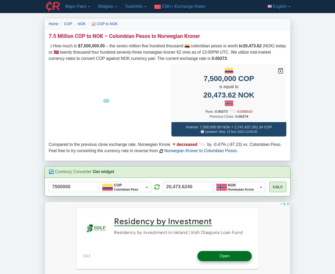 The height and width of the screenshot is (274, 335). Describe the element at coordinates (112, 144) in the screenshot. I see `'Compared to the previous close exchange rate, Norwegian Krone 🔻'` at that location.